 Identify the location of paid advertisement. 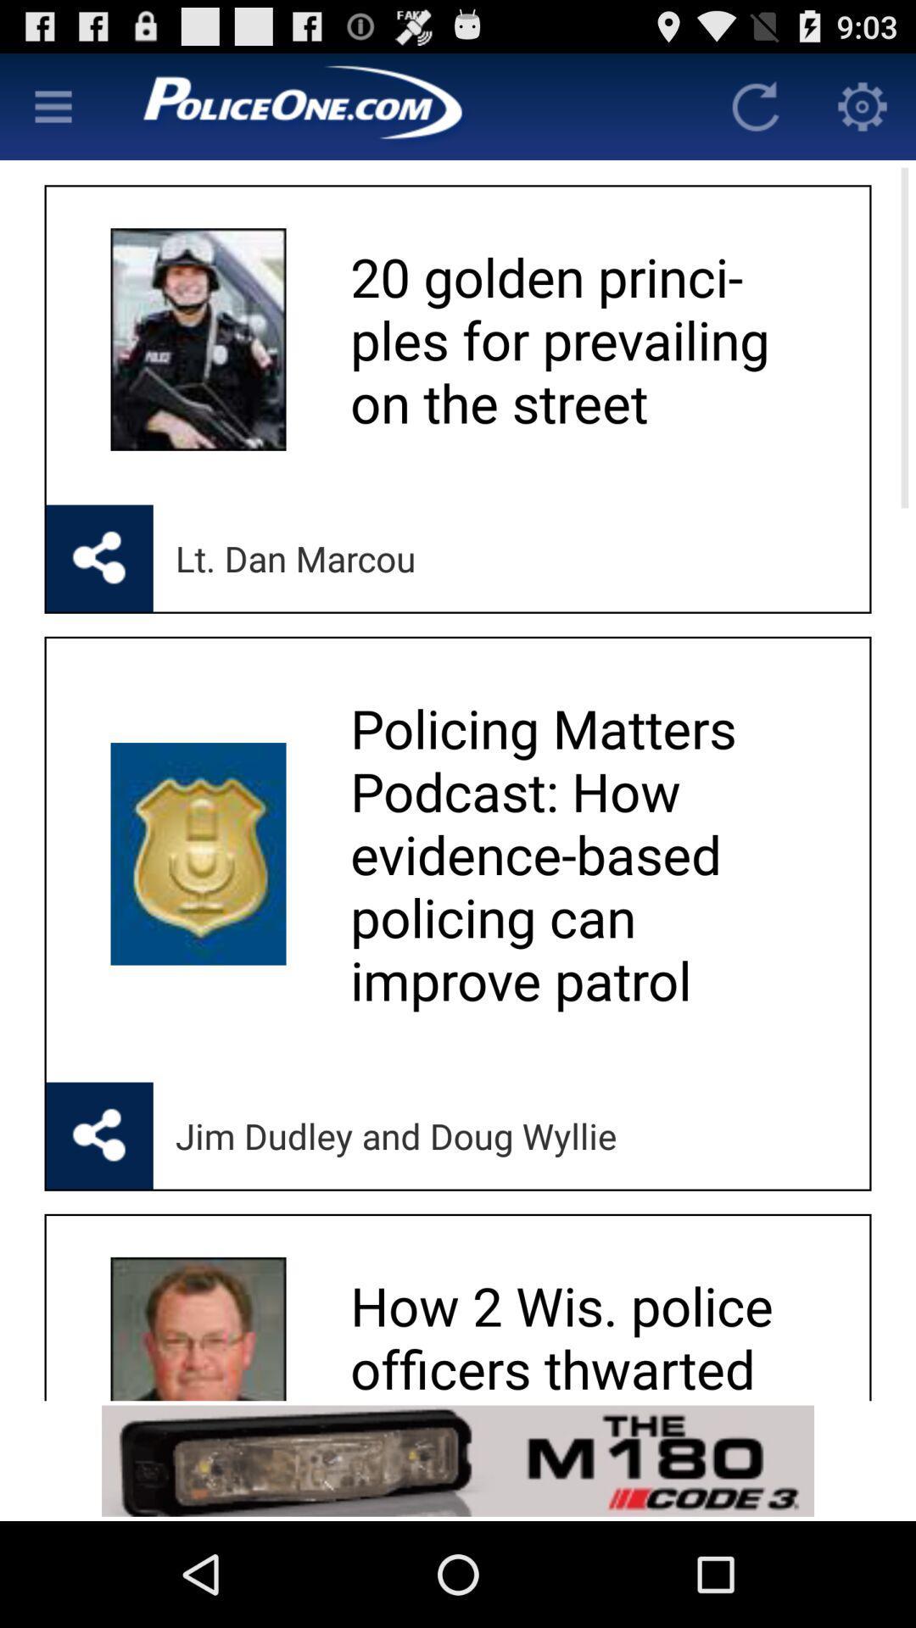
(458, 1460).